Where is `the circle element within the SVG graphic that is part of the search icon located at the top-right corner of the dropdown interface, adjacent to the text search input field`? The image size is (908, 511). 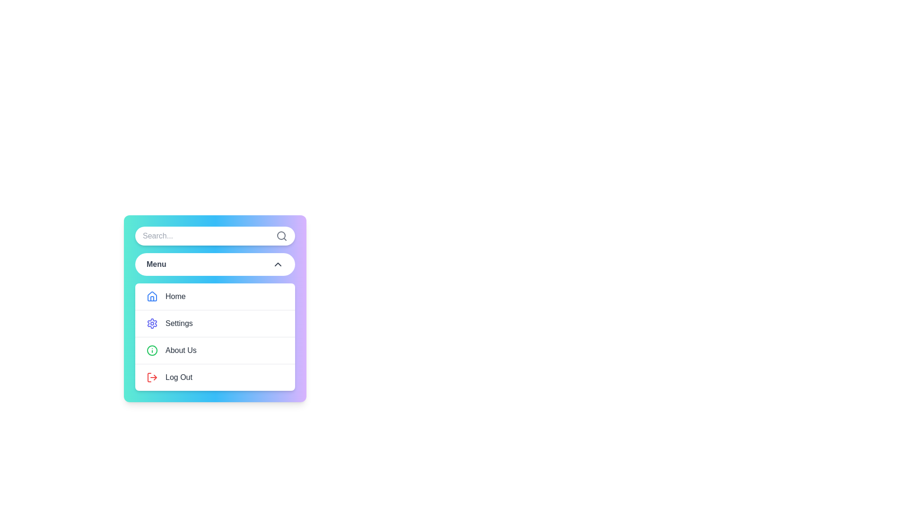 the circle element within the SVG graphic that is part of the search icon located at the top-right corner of the dropdown interface, adjacent to the text search input field is located at coordinates (281, 235).